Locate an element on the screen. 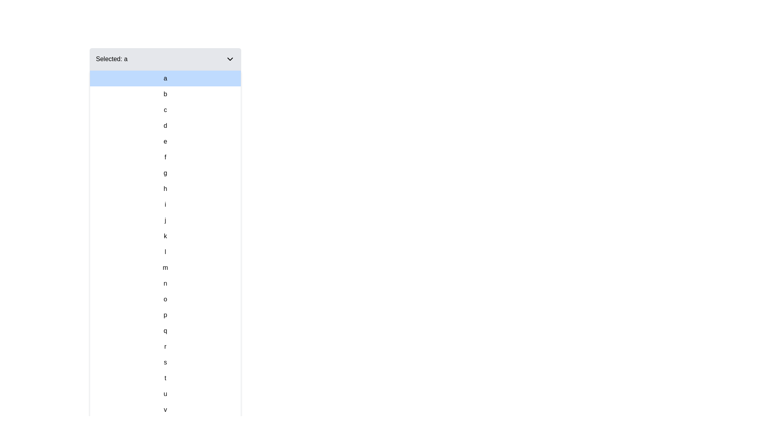 This screenshot has width=758, height=426. the text element 't' in the vertically ordered list of letters is located at coordinates (165, 378).